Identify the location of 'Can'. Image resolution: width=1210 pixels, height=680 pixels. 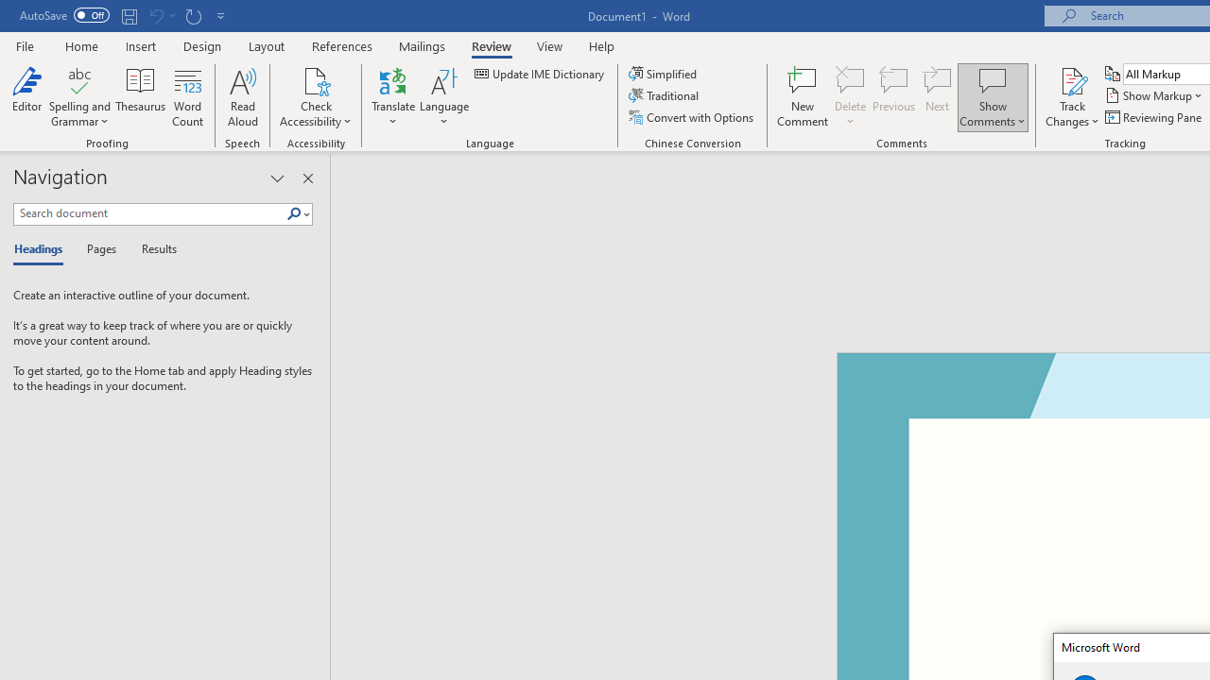
(155, 15).